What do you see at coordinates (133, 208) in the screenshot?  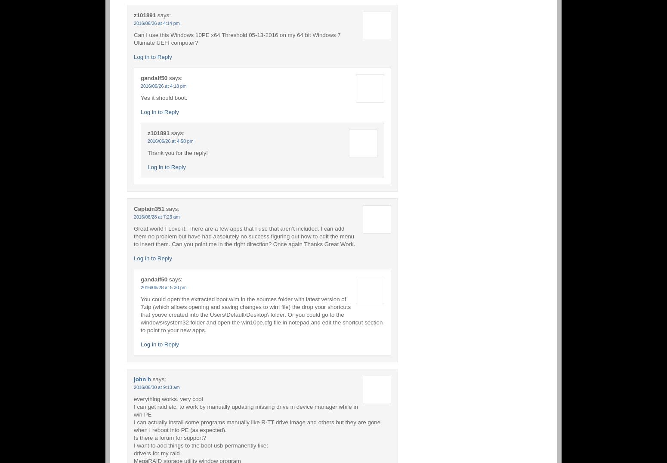 I see `'Captain351'` at bounding box center [133, 208].